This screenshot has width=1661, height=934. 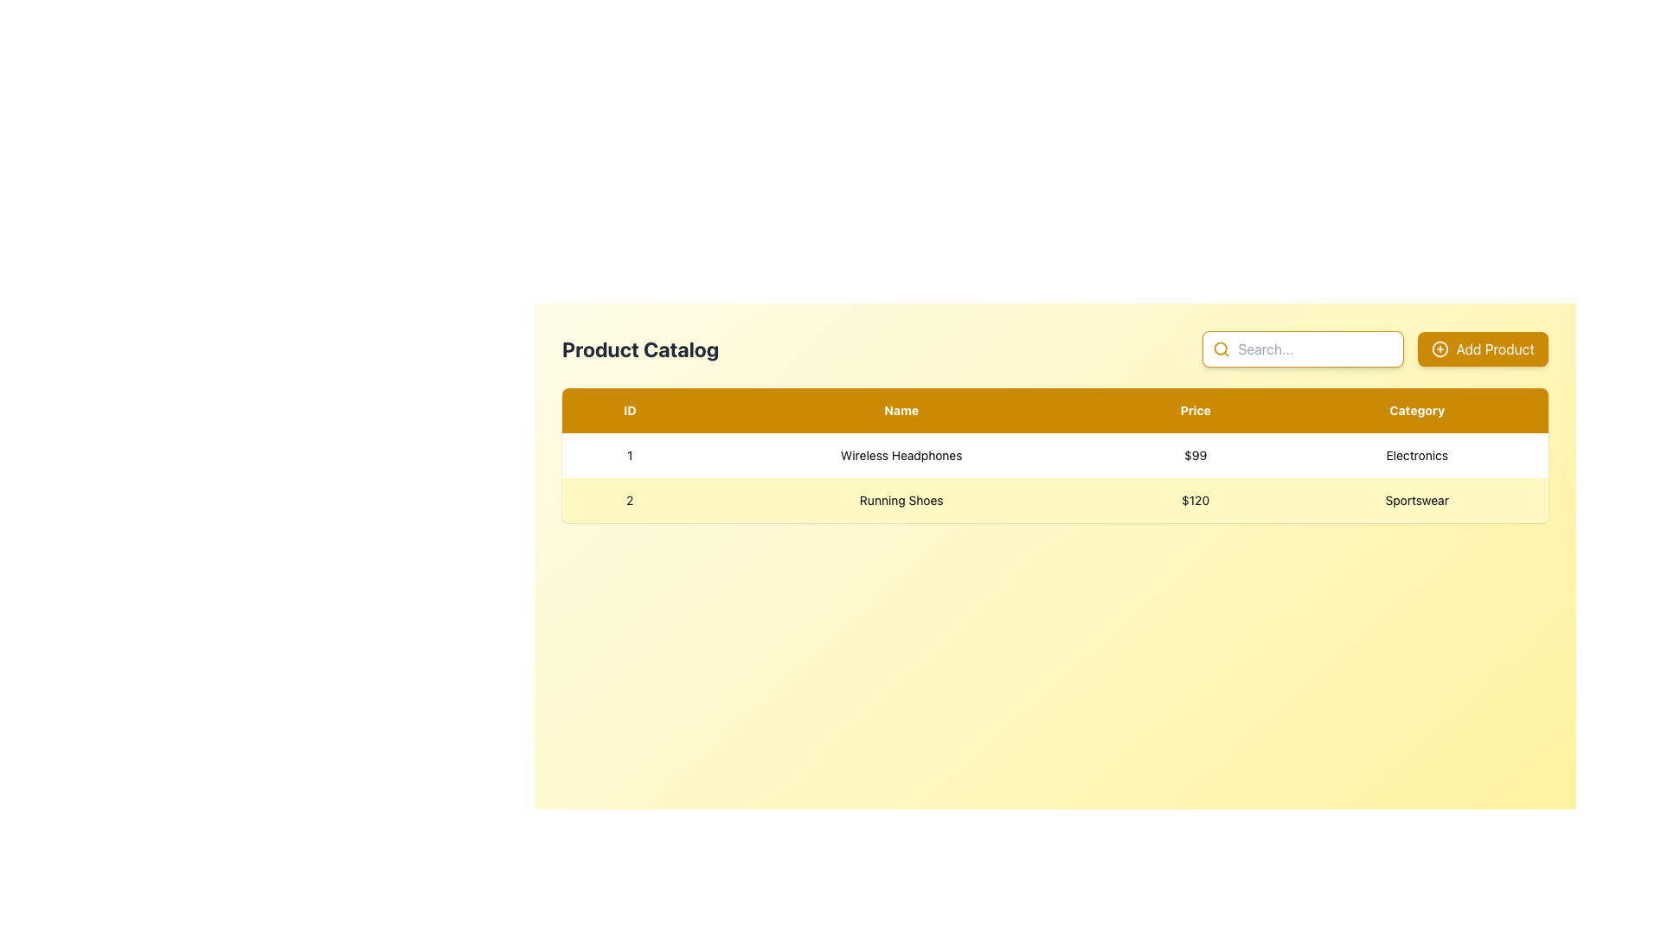 What do you see at coordinates (1440, 349) in the screenshot?
I see `the 'Add Product' button icon located in the top-right corner of the interface, which signifies the action of adding a new product` at bounding box center [1440, 349].